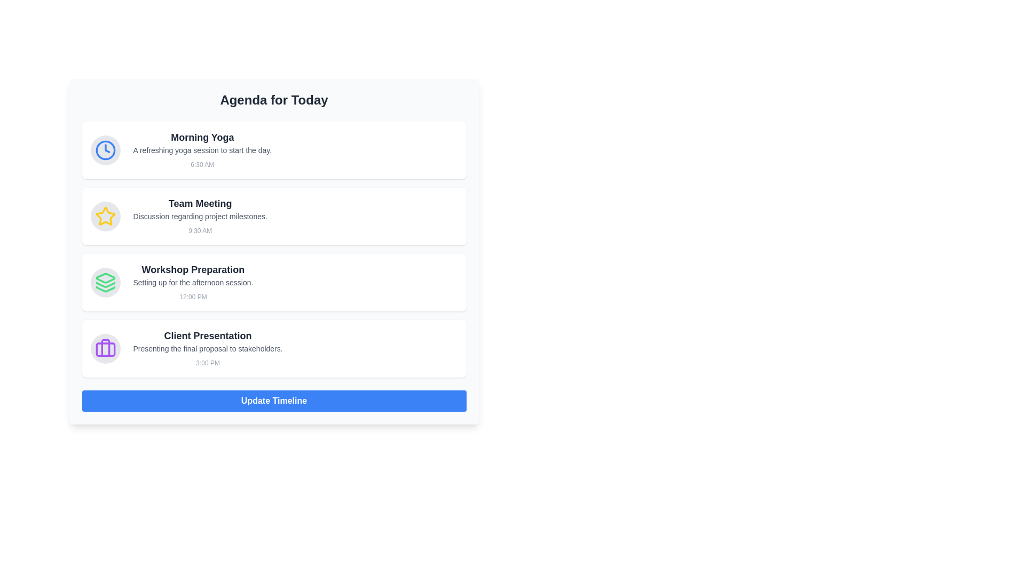 This screenshot has width=1025, height=576. I want to click on the stack-like icon with green layers and a circular gray background adjacent to the 'Workshop Preparation' text entry, so click(105, 282).